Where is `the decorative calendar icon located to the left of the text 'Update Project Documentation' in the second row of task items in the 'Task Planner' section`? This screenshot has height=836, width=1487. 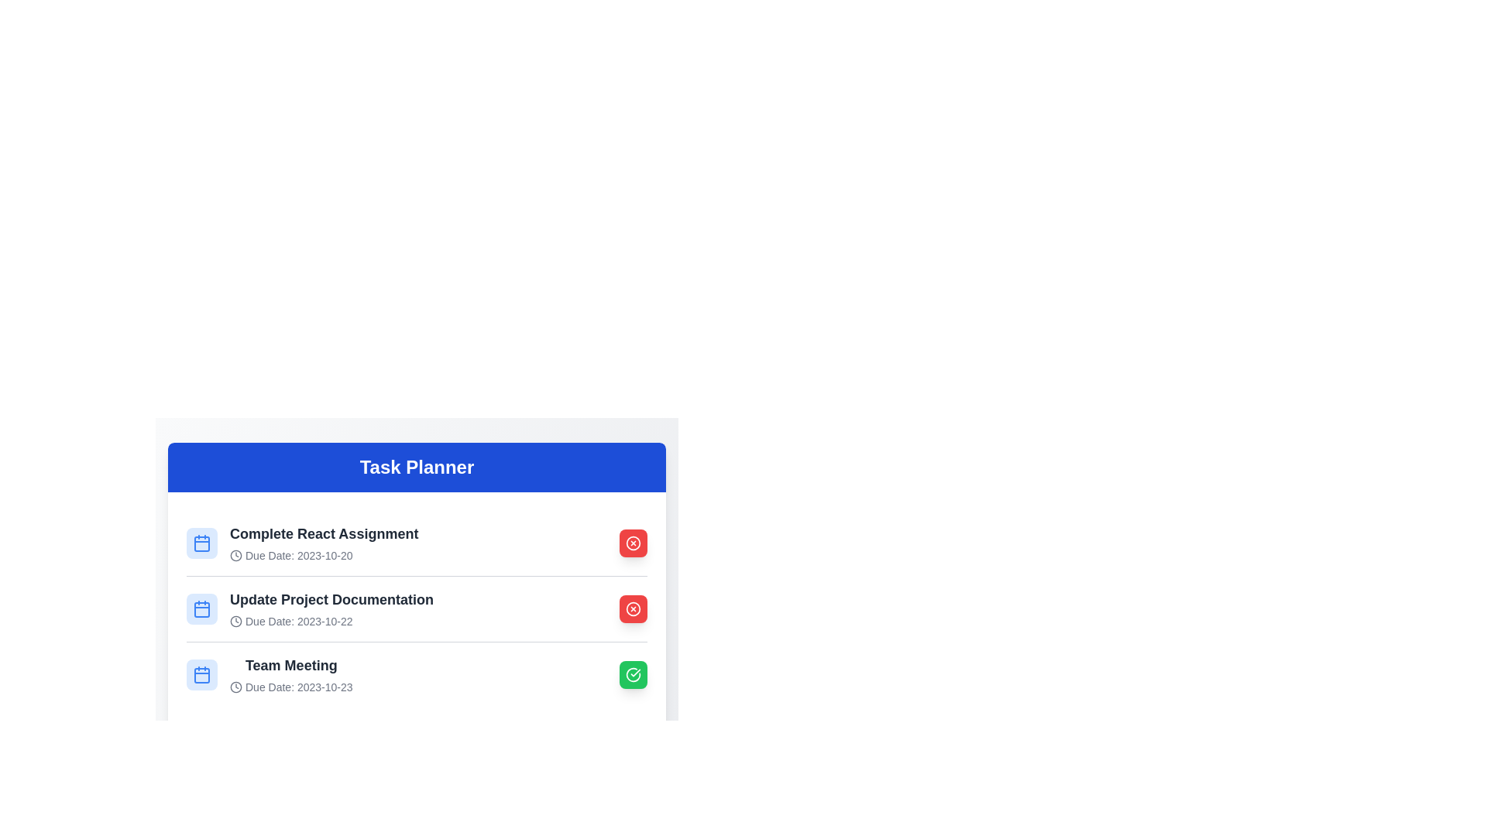 the decorative calendar icon located to the left of the text 'Update Project Documentation' in the second row of task items in the 'Task Planner' section is located at coordinates (201, 608).